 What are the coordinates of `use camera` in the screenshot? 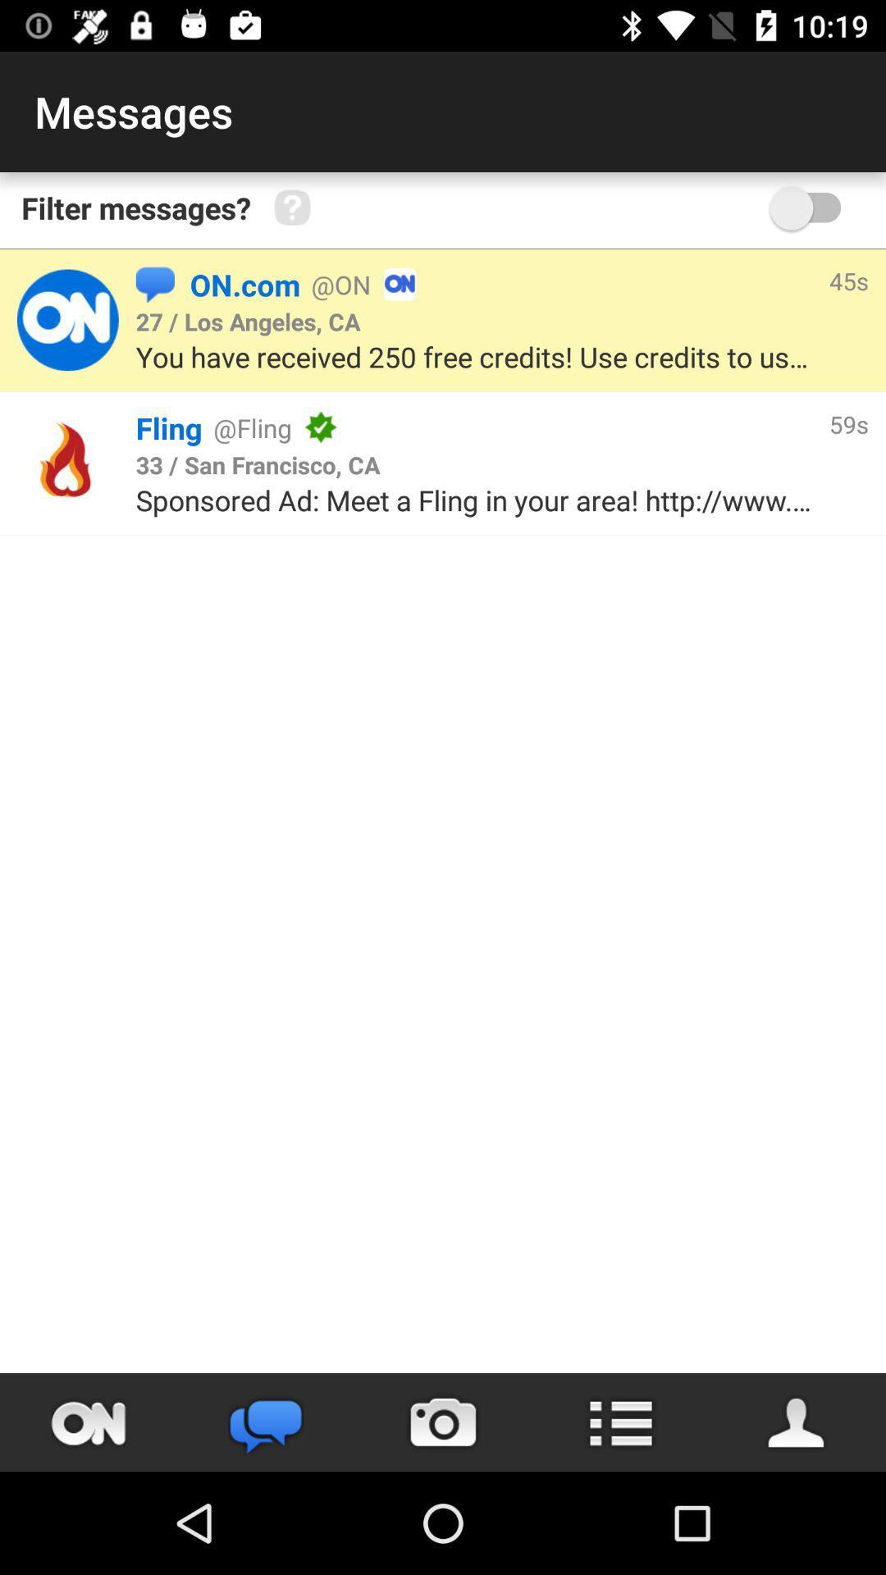 It's located at (443, 1422).